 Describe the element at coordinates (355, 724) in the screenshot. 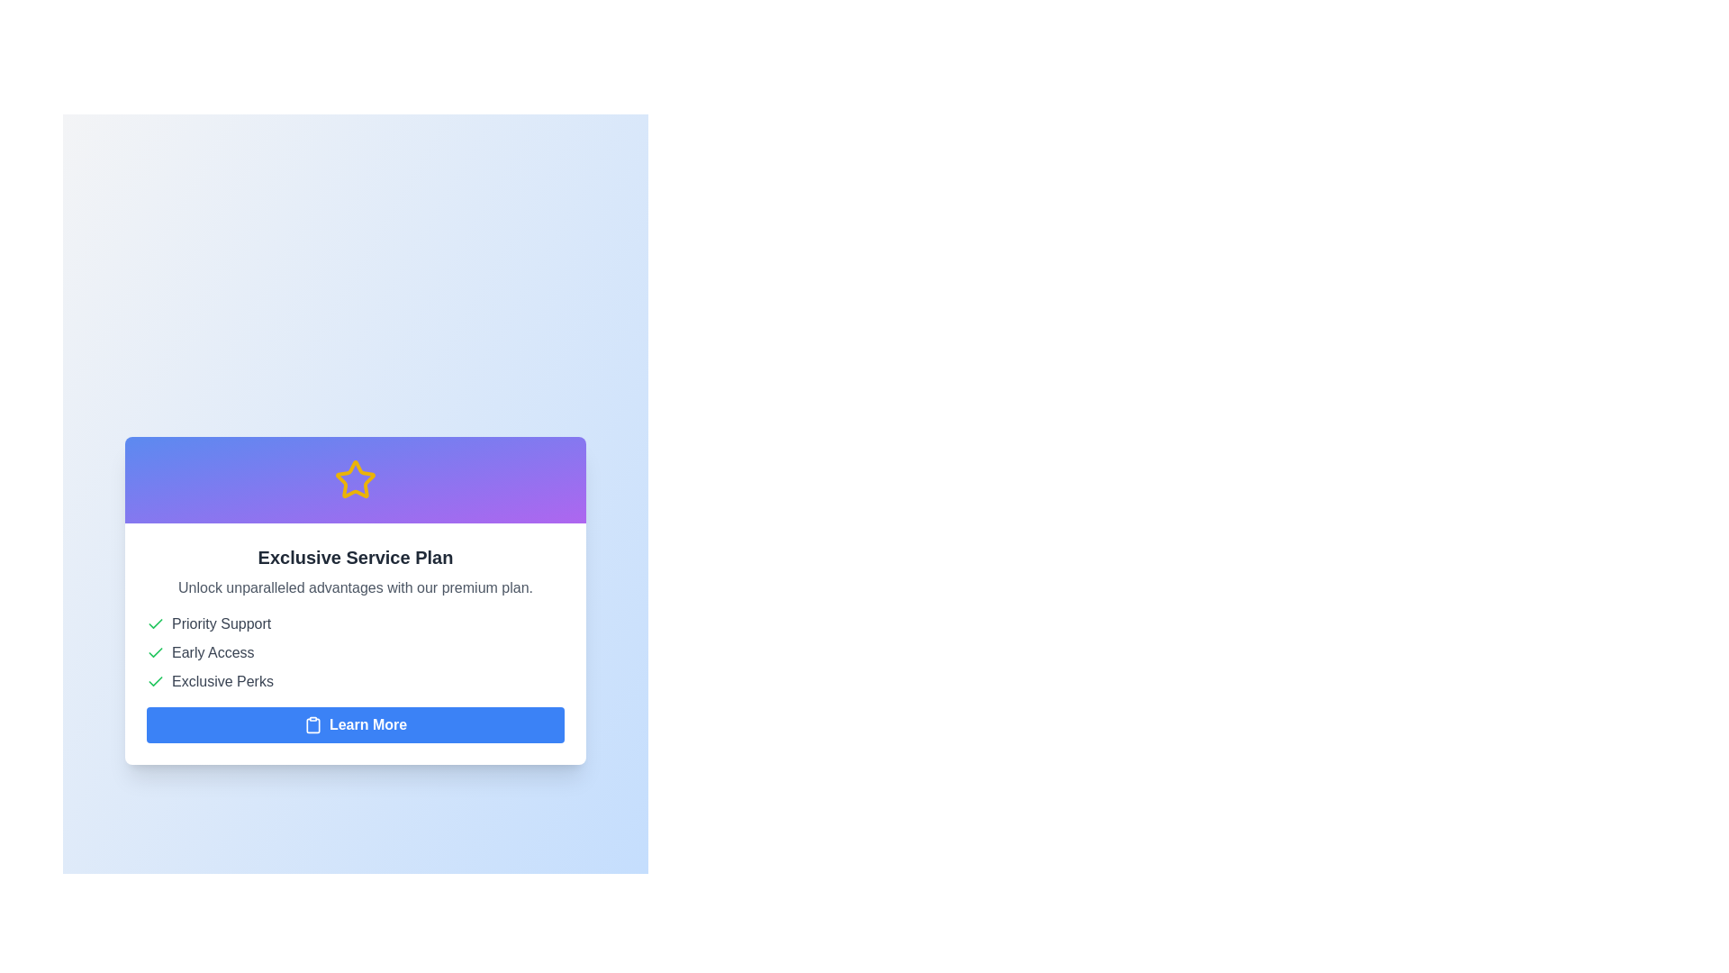

I see `the 'Learn More' button with a vibrant blue background and white text, located at the bottom of the 'Exclusive Service Plan' card` at that location.